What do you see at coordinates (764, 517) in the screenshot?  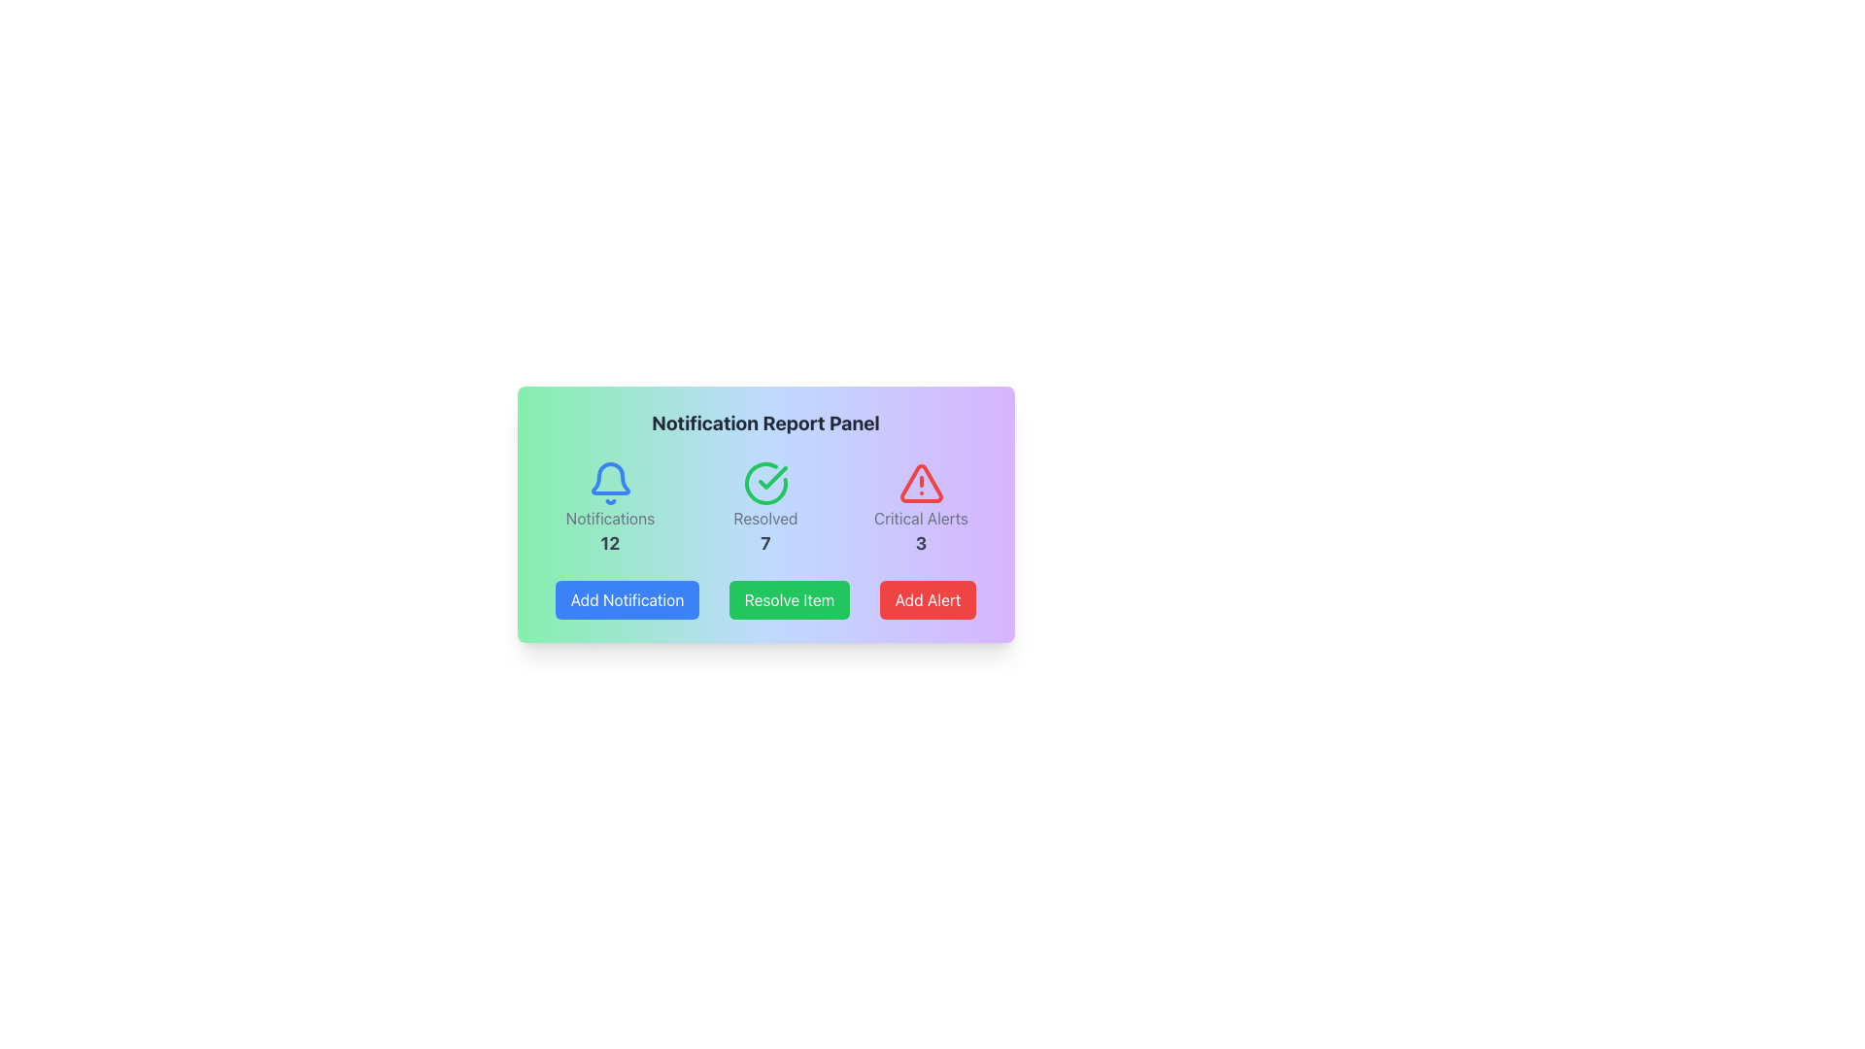 I see `the Text Label that describes the count of resolved items, which is located between a green checkmark icon and the number '7' in the middle section of a horizontally aligned panel` at bounding box center [764, 517].